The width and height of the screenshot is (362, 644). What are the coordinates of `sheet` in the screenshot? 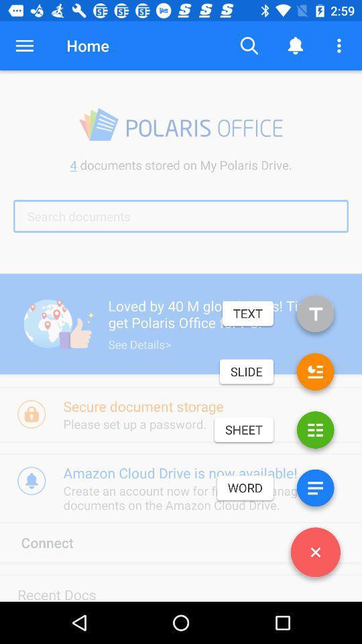 It's located at (315, 432).